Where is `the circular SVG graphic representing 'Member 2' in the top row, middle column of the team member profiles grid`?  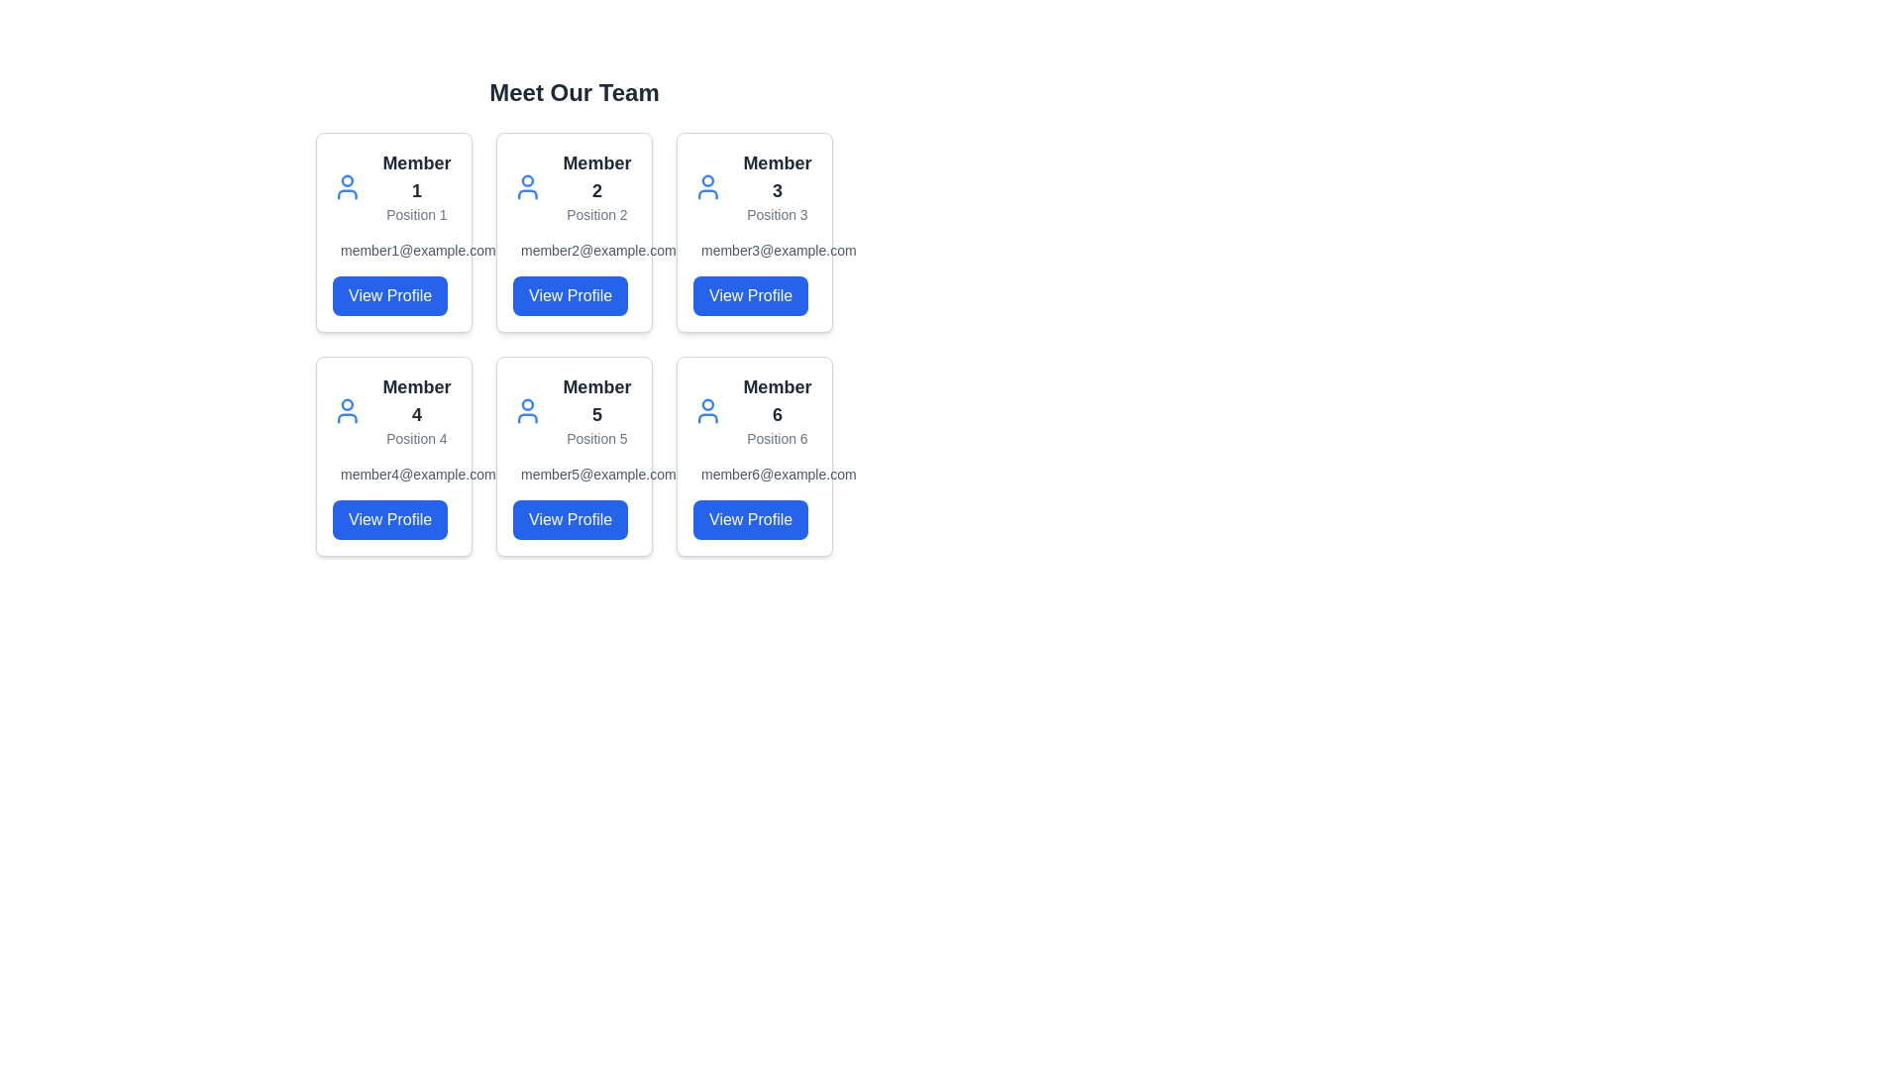
the circular SVG graphic representing 'Member 2' in the top row, middle column of the team member profiles grid is located at coordinates (527, 180).